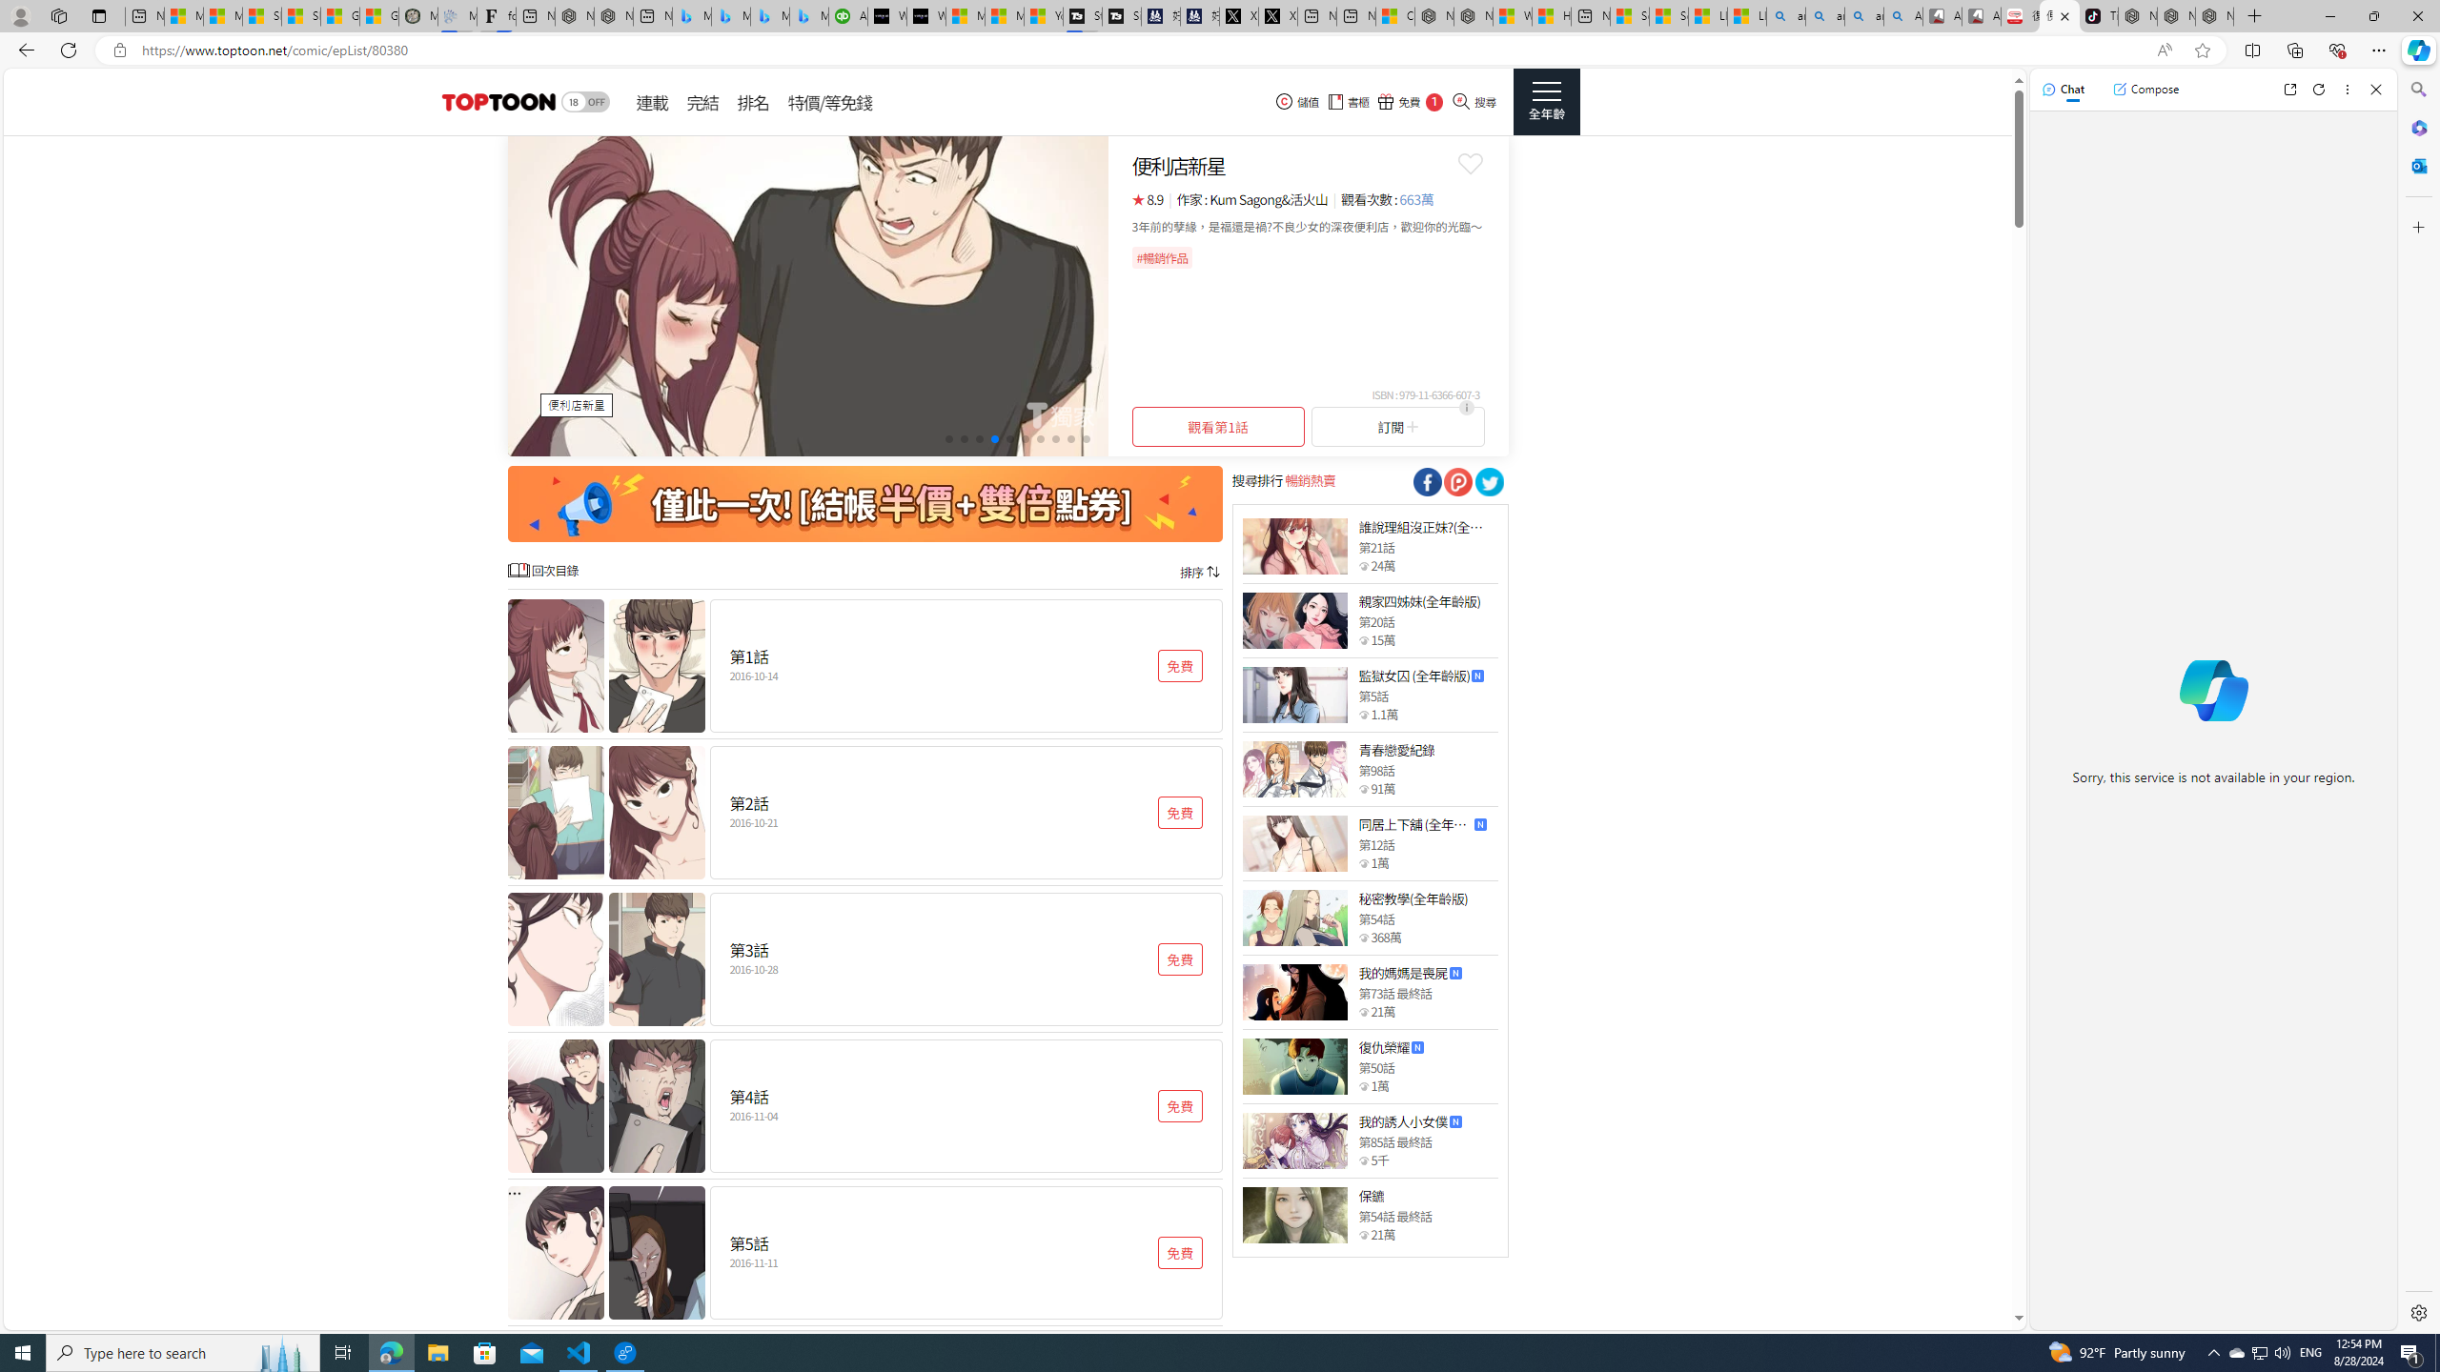 Image resolution: width=2440 pixels, height=1372 pixels. I want to click on 'Go to slide 1', so click(947, 437).